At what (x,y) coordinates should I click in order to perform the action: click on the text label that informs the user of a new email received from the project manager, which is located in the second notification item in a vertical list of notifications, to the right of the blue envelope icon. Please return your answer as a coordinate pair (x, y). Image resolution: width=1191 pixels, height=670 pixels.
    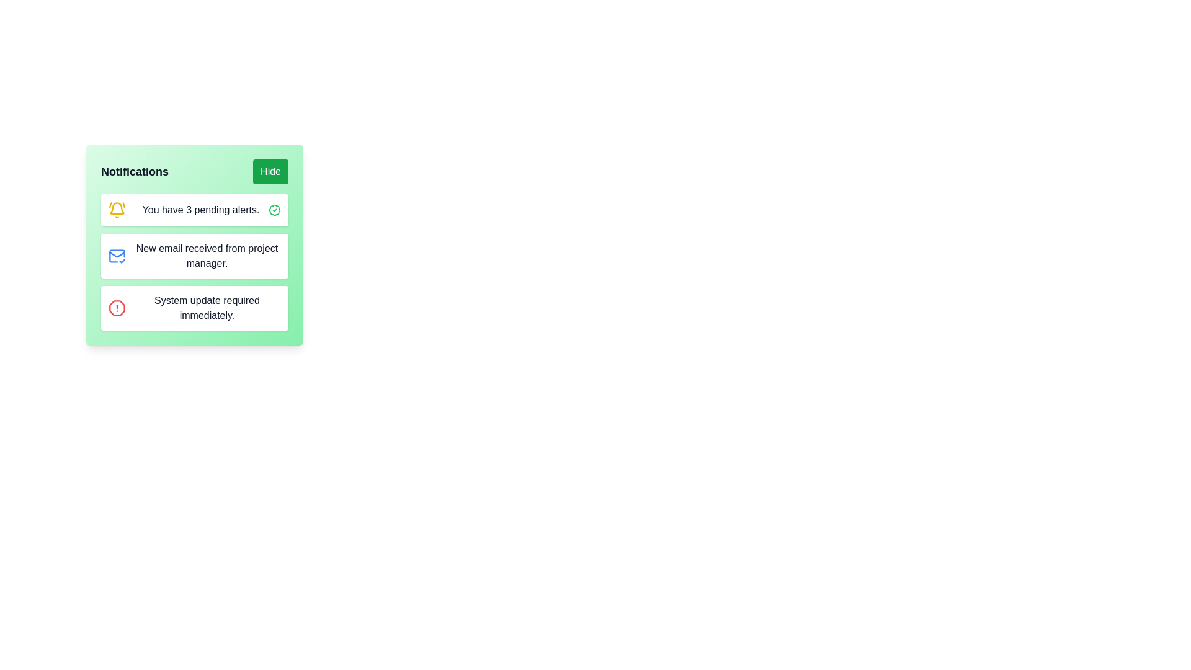
    Looking at the image, I should click on (207, 255).